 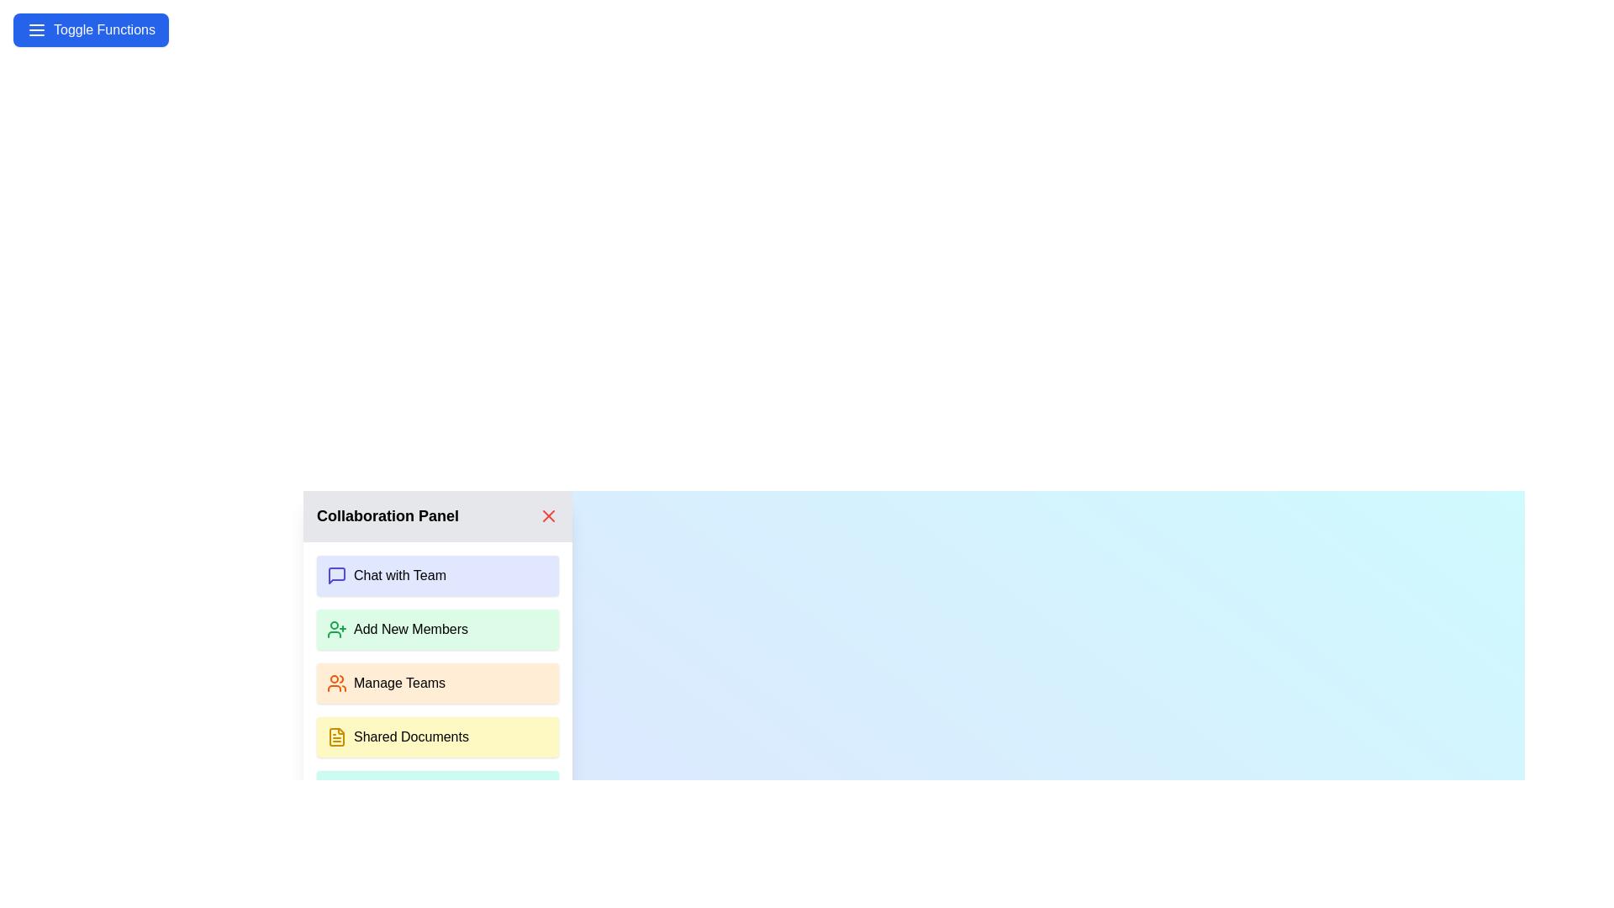 I want to click on the 'Add New Members' text label, which is bold black text on a light green background, located in the Collaboration Panel below 'Chat with Team', so click(x=411, y=629).